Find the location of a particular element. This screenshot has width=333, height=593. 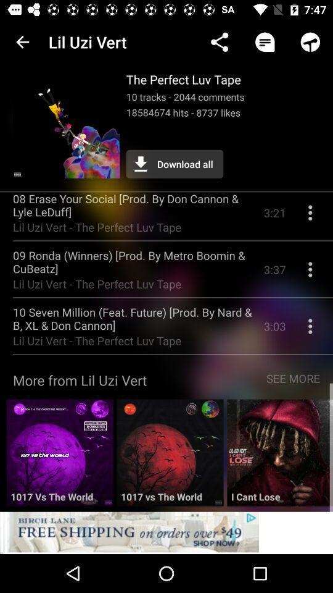

item above the perfect luv icon is located at coordinates (219, 42).